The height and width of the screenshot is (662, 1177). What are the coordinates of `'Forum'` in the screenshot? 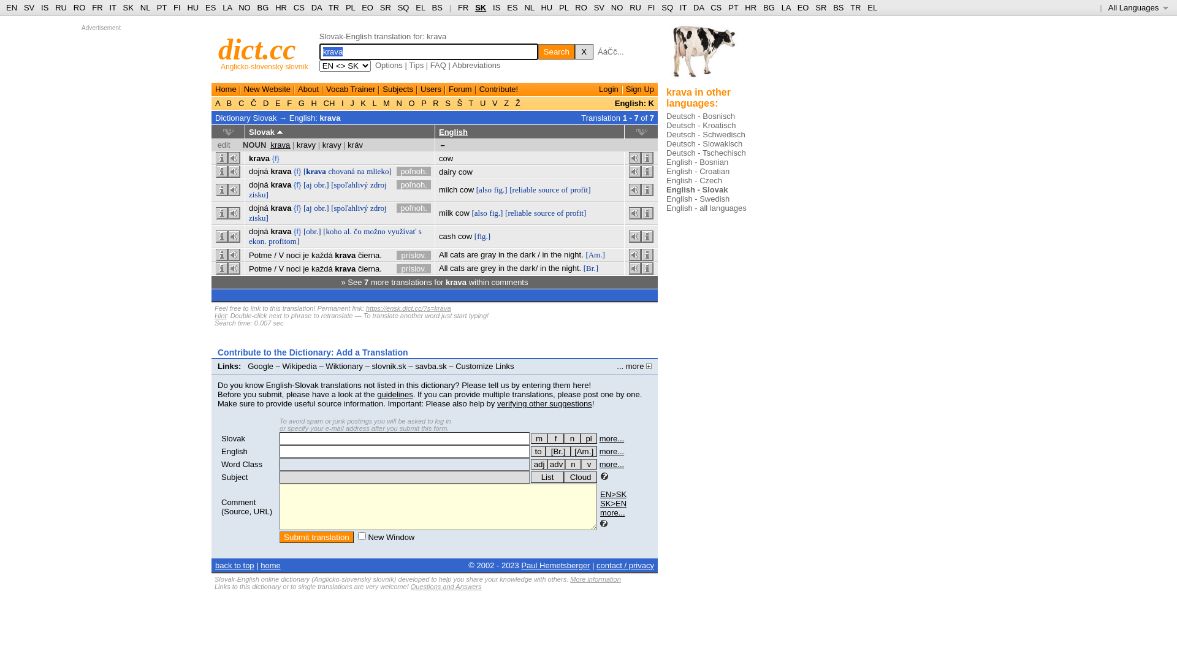 It's located at (459, 88).